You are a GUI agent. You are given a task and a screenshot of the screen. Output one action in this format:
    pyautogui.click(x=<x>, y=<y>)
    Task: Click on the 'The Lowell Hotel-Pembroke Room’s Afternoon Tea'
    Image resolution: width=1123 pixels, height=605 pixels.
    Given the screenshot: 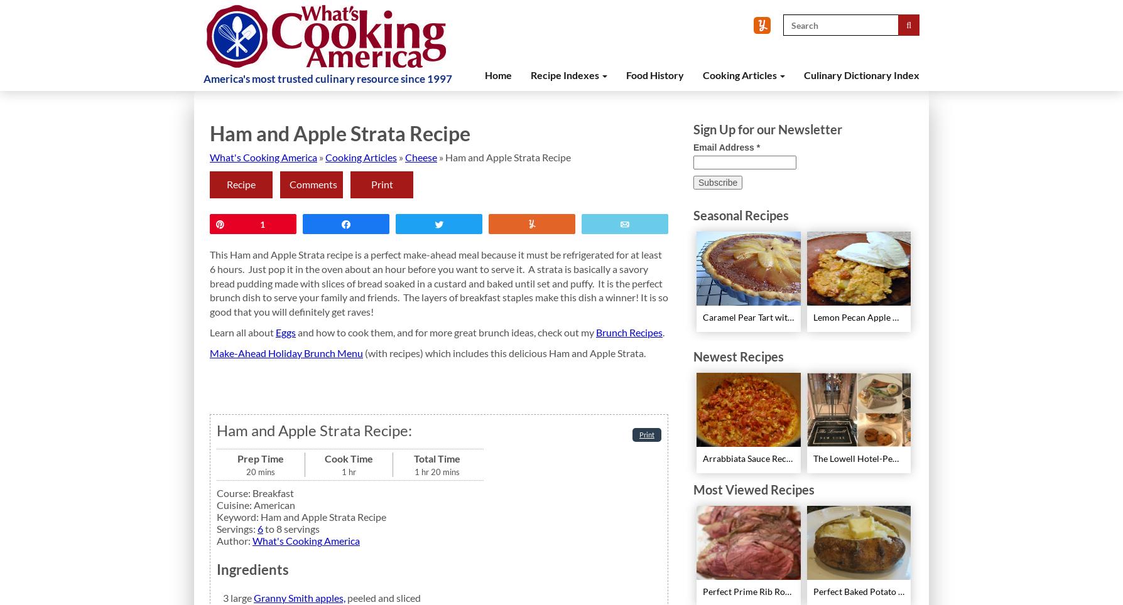 What is the action you would take?
    pyautogui.click(x=811, y=458)
    